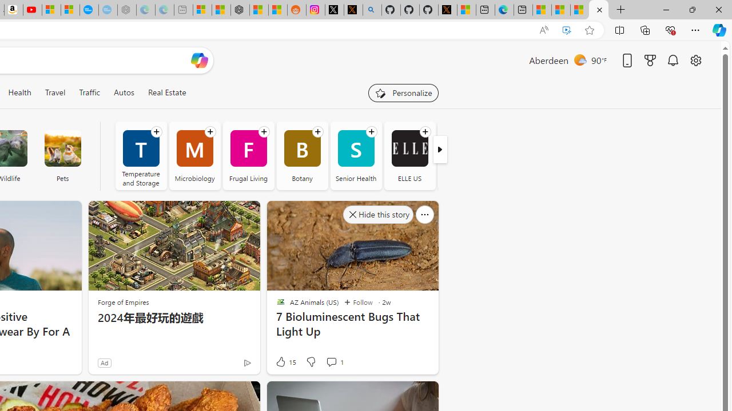 The width and height of the screenshot is (732, 411). I want to click on 'Mostly sunny', so click(580, 59).